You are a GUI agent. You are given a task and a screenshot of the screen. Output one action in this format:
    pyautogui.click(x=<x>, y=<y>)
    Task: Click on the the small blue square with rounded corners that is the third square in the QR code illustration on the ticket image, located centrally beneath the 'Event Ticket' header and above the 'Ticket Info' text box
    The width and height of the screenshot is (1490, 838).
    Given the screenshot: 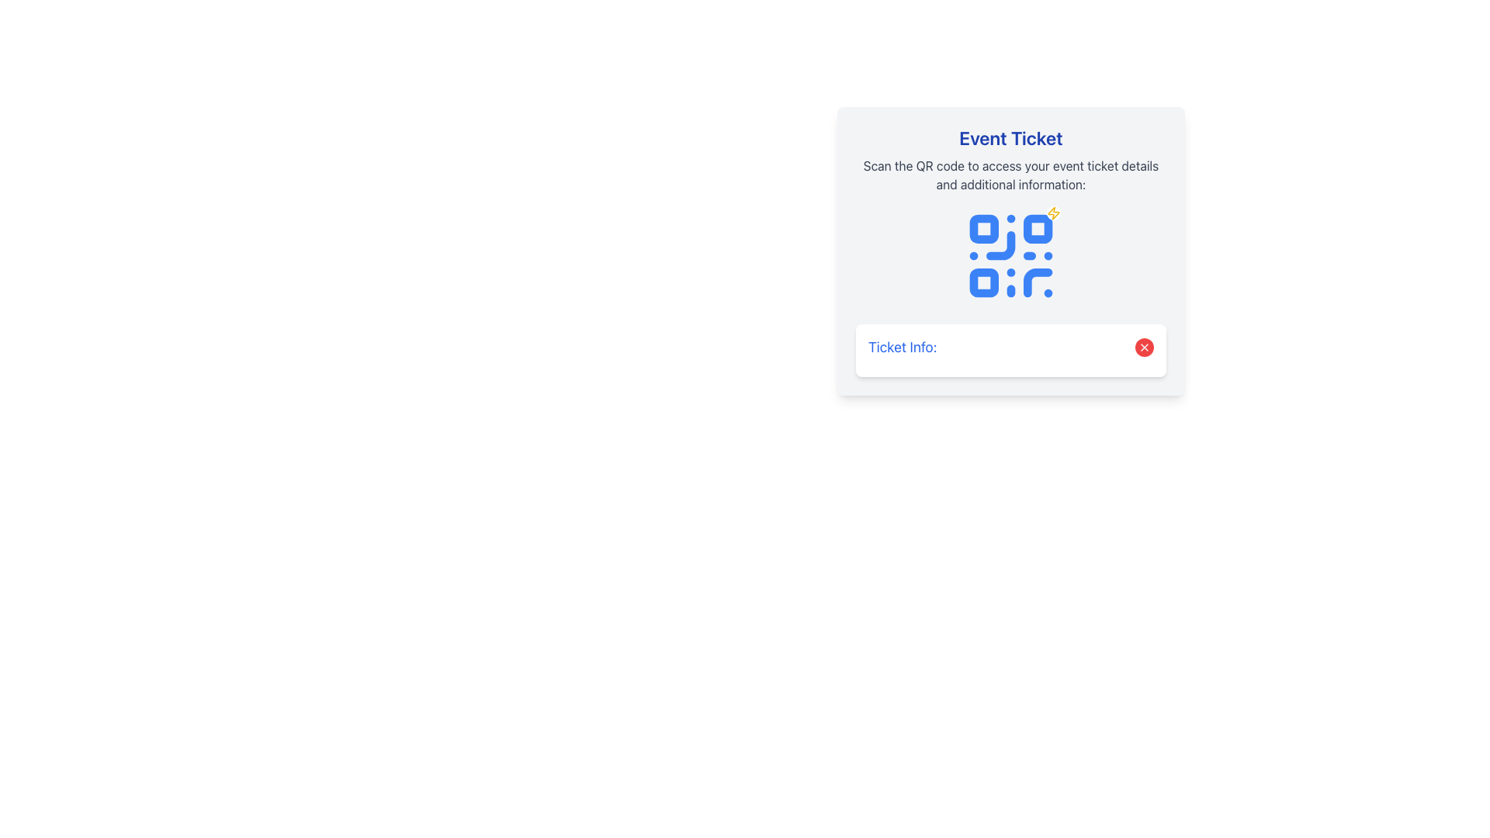 What is the action you would take?
    pyautogui.click(x=983, y=282)
    